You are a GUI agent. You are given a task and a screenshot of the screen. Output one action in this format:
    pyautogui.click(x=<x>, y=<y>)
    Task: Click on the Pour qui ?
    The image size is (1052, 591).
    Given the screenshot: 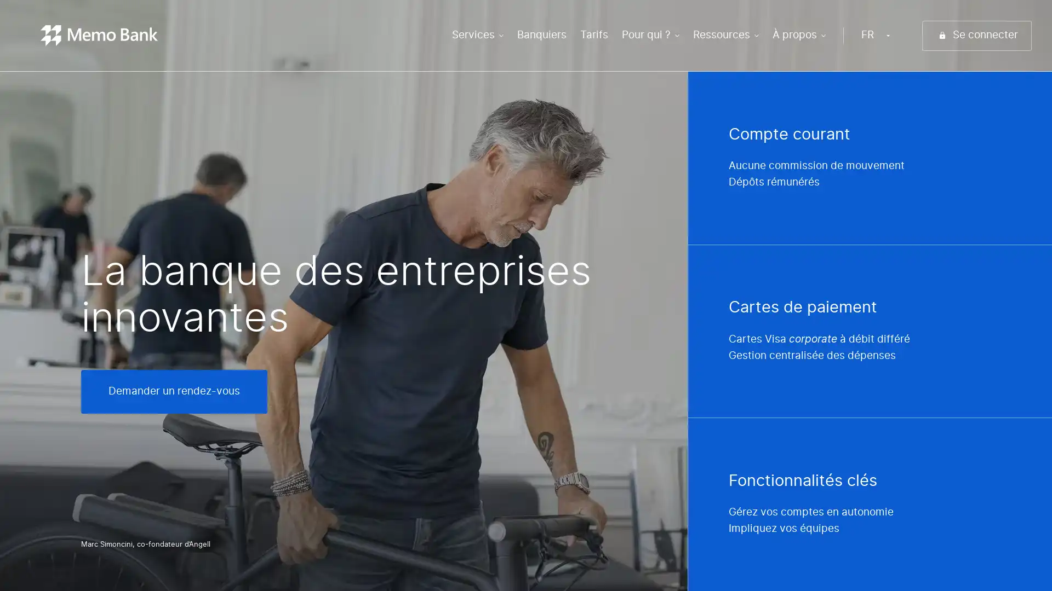 What is the action you would take?
    pyautogui.click(x=650, y=35)
    